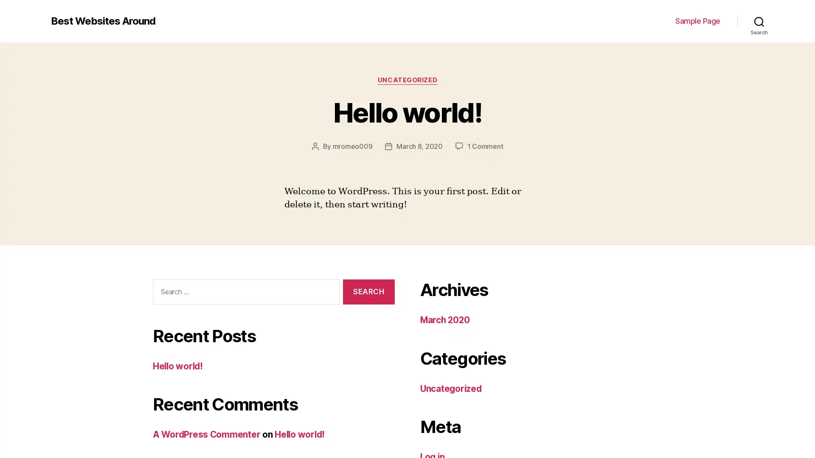 The image size is (815, 458). What do you see at coordinates (368, 291) in the screenshot?
I see `Search` at bounding box center [368, 291].